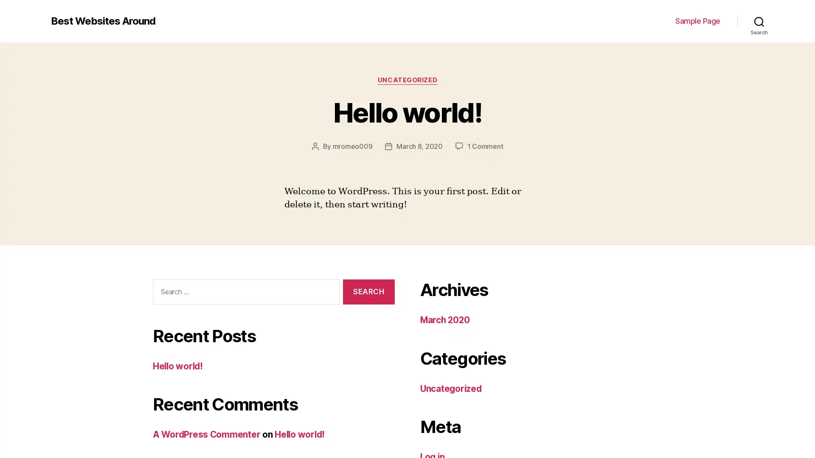 The image size is (815, 458). What do you see at coordinates (368, 291) in the screenshot?
I see `Search` at bounding box center [368, 291].